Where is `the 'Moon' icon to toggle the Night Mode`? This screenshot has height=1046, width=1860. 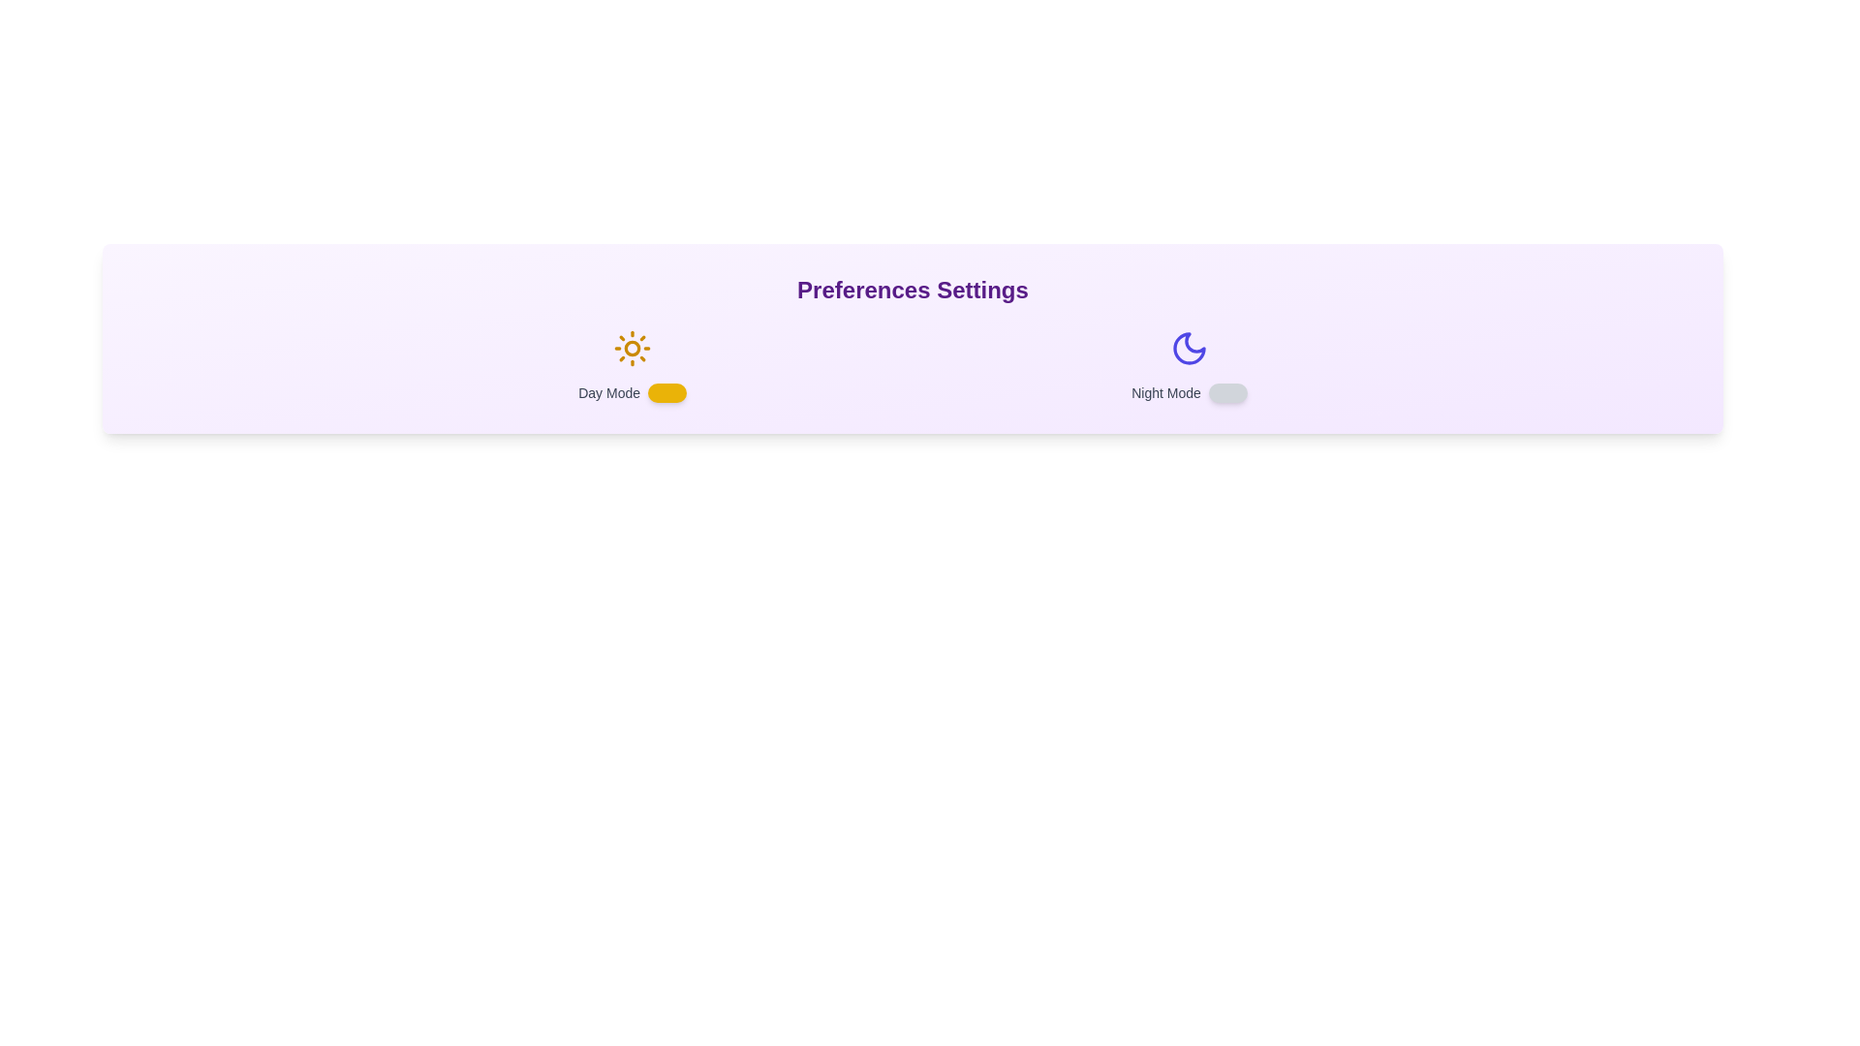 the 'Moon' icon to toggle the Night Mode is located at coordinates (1189, 347).